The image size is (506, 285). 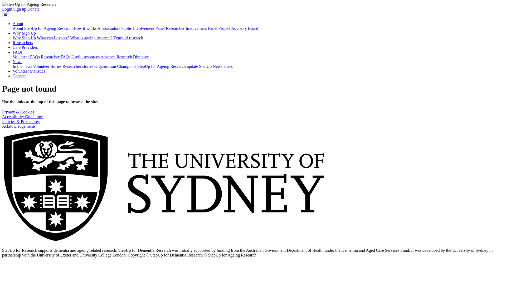 What do you see at coordinates (191, 28) in the screenshot?
I see `'Researcher Involvement Panel'` at bounding box center [191, 28].